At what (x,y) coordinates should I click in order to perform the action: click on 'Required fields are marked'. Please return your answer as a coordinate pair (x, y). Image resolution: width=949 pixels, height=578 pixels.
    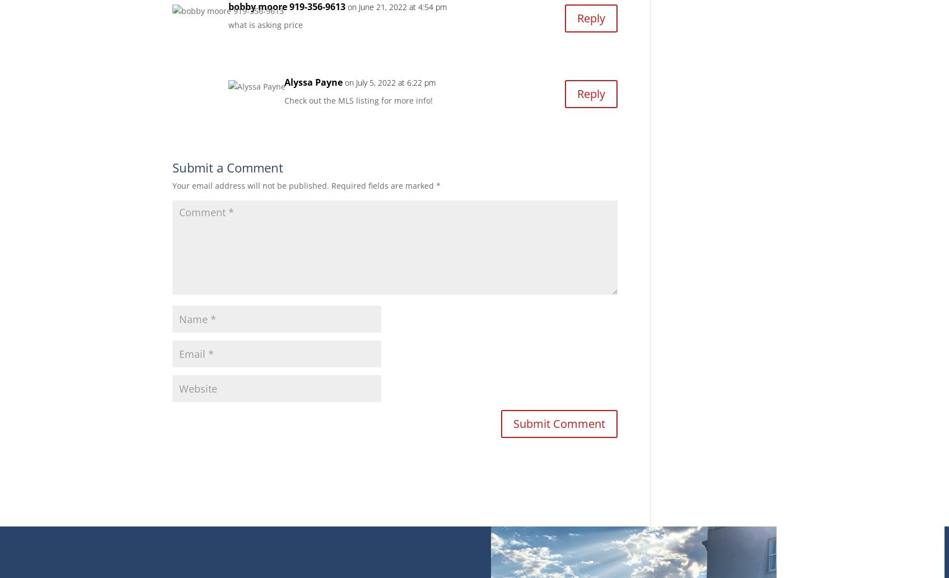
    Looking at the image, I should click on (383, 185).